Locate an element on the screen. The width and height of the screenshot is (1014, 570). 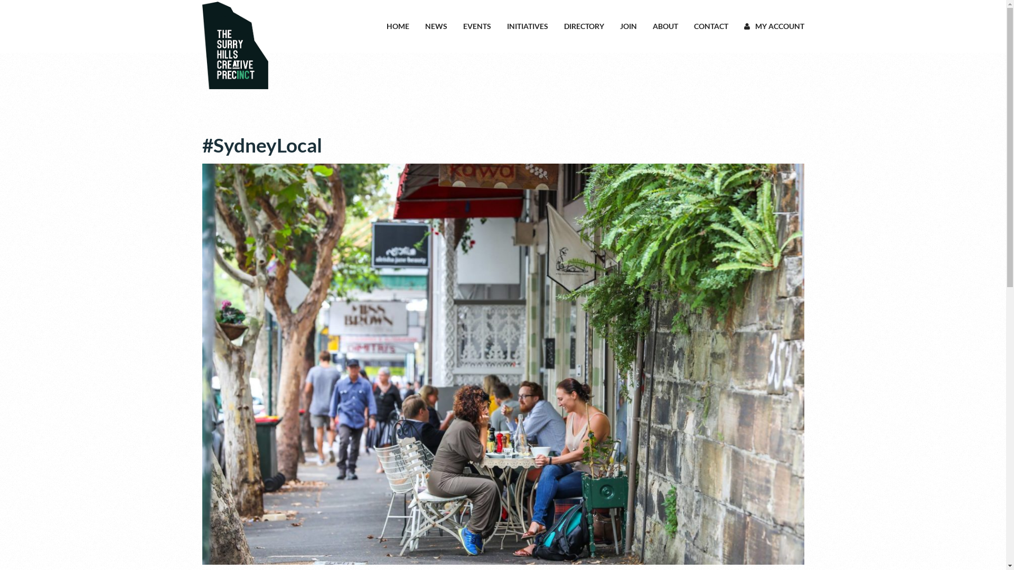
'DIRECTORY' is located at coordinates (583, 26).